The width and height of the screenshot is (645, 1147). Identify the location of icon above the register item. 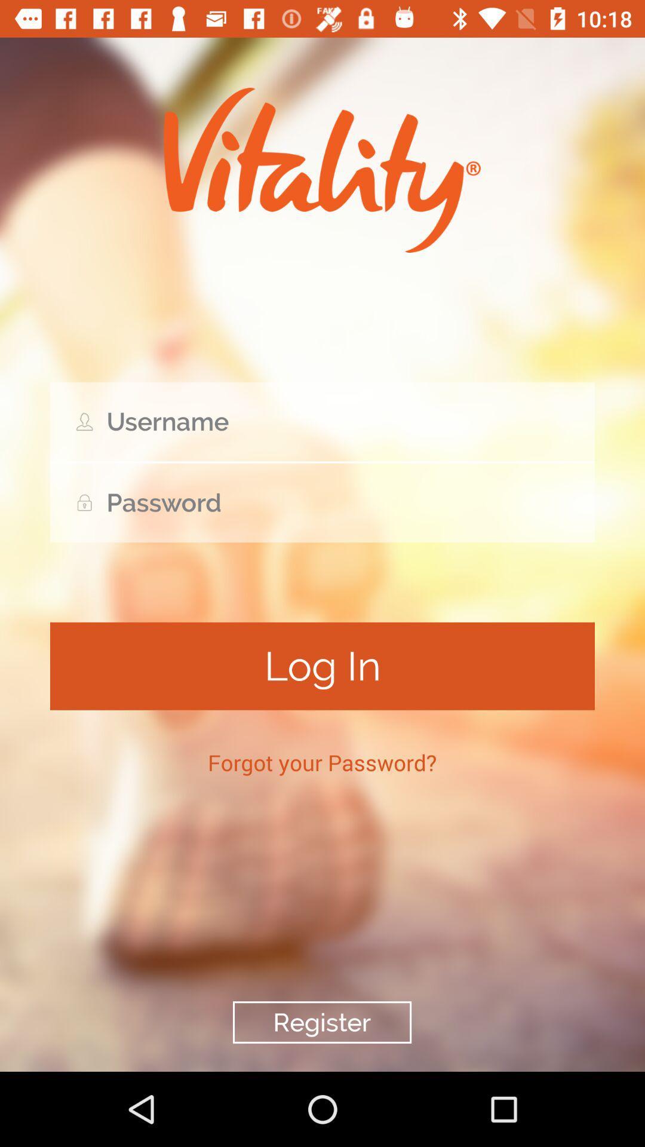
(321, 762).